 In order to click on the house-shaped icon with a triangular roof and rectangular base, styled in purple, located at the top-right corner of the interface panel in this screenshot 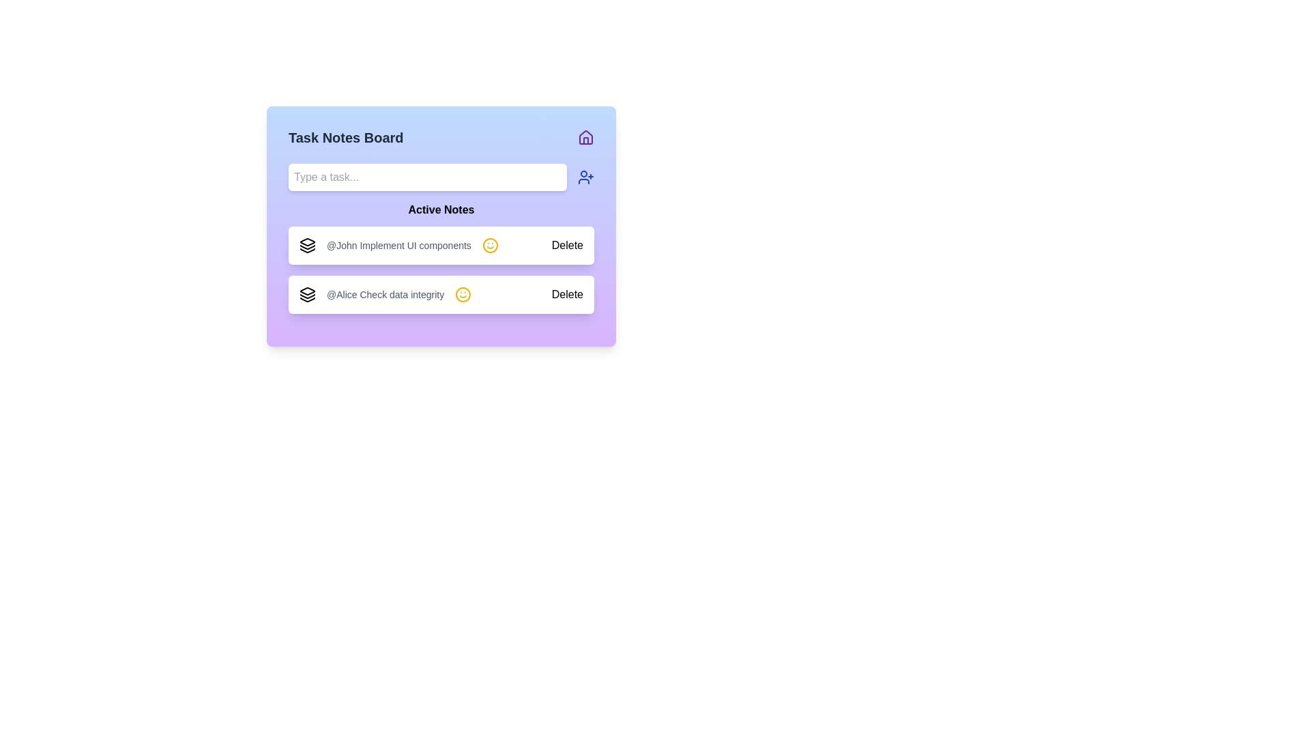, I will do `click(586, 136)`.